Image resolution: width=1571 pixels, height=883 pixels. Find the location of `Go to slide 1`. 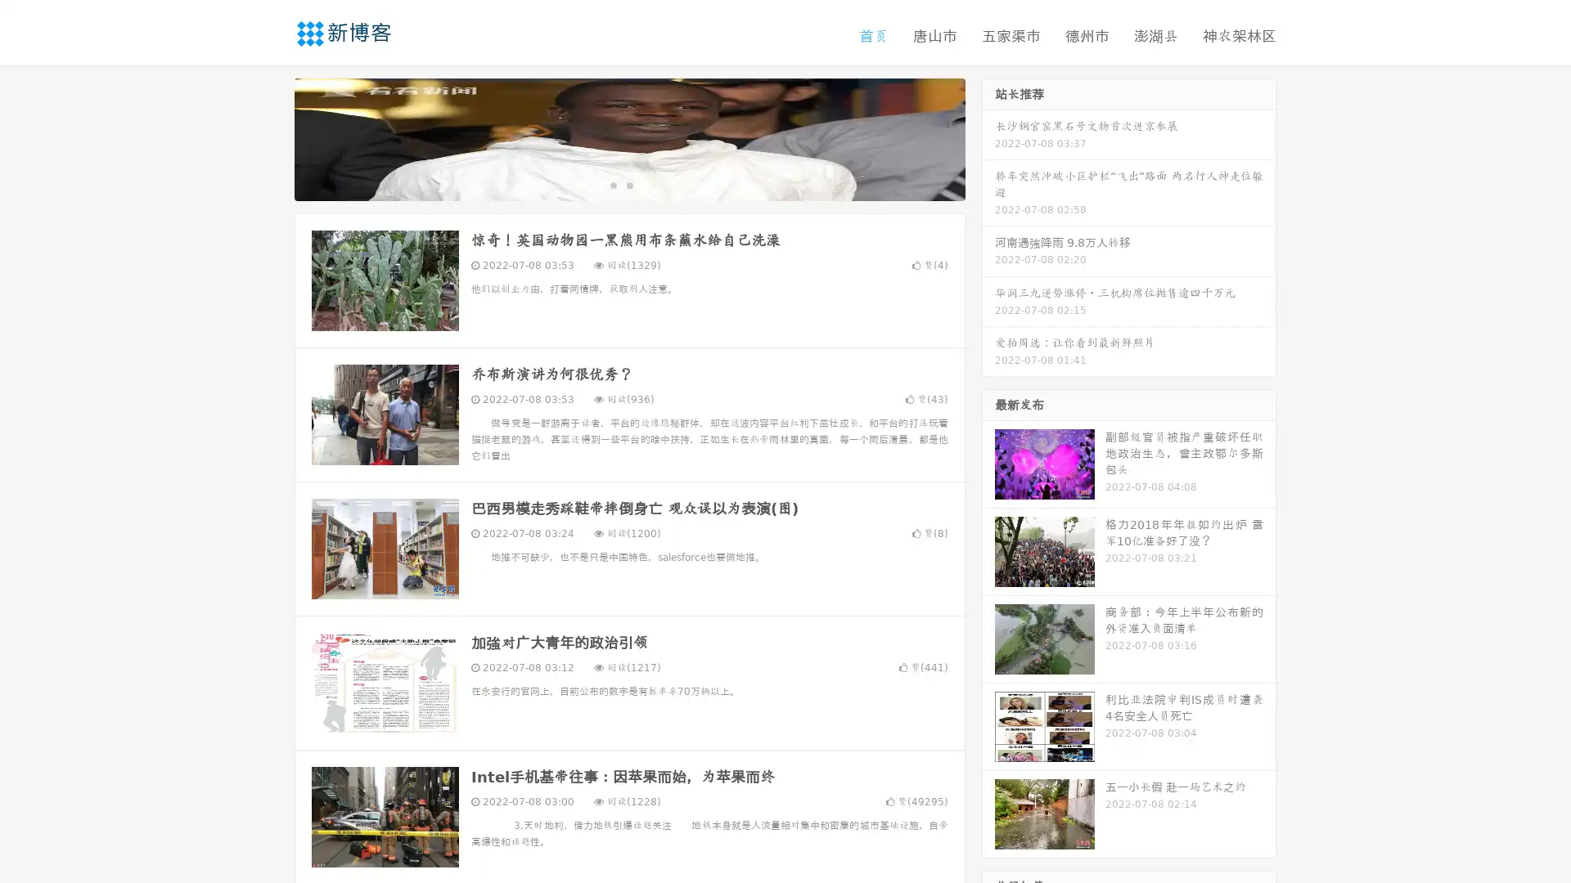

Go to slide 1 is located at coordinates (612, 184).